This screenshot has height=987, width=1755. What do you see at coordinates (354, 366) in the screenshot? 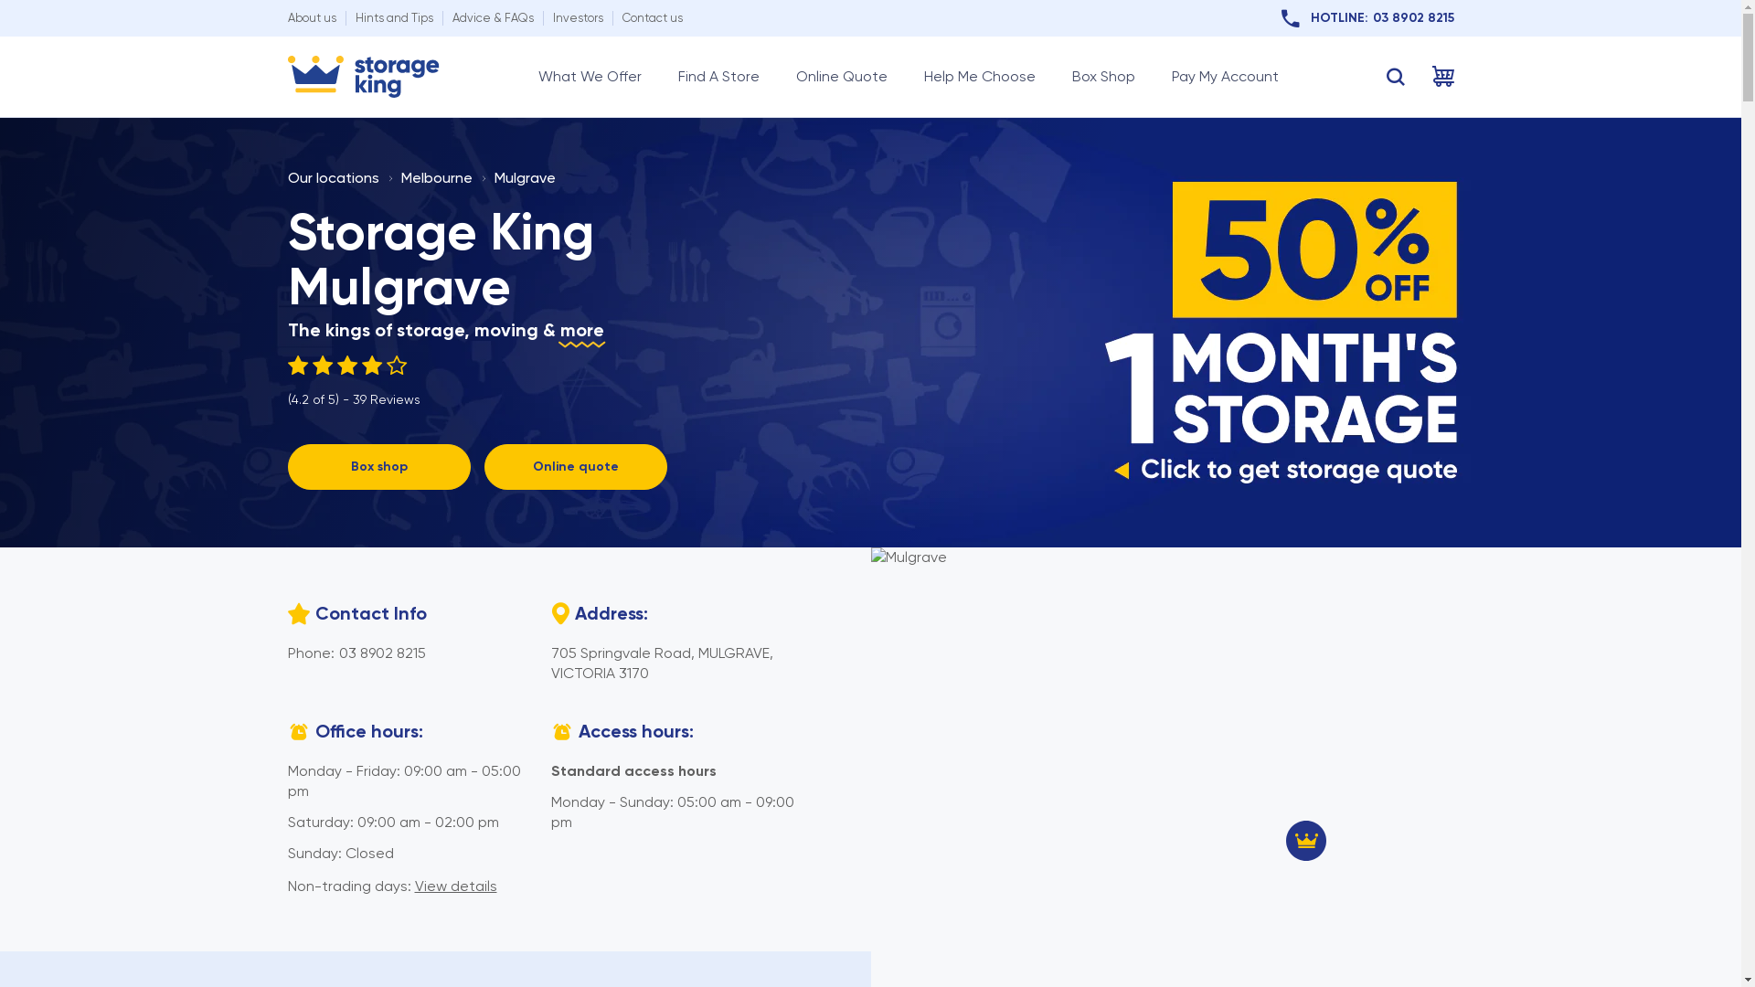
I see `'4.20'` at bounding box center [354, 366].